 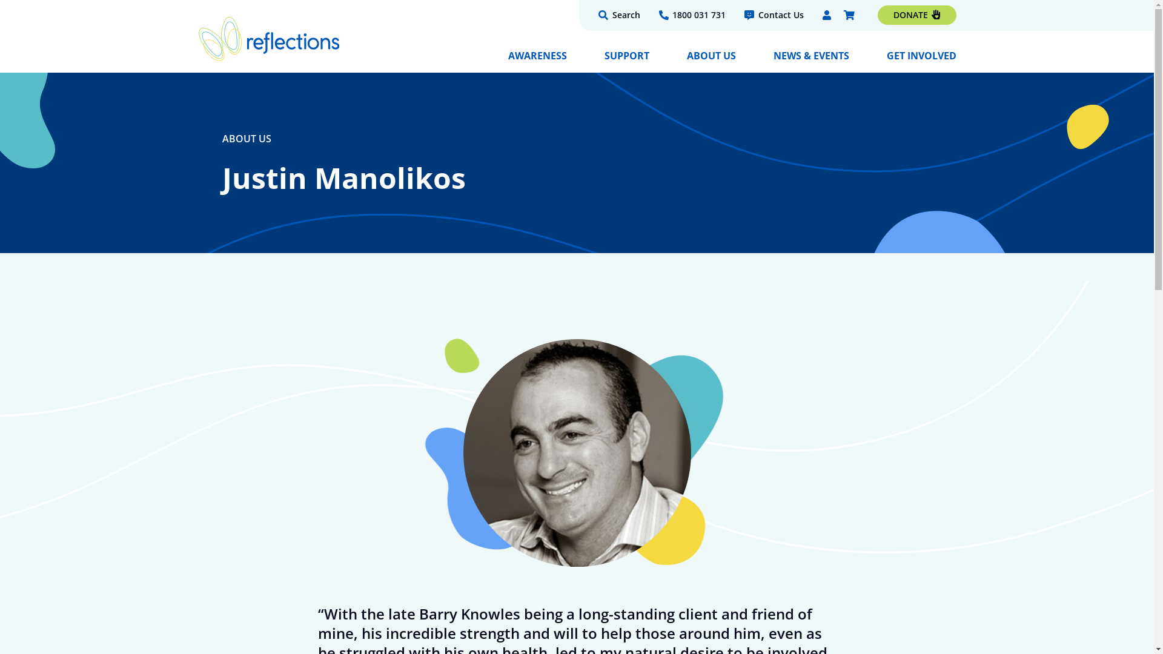 What do you see at coordinates (605, 61) in the screenshot?
I see `'SUPPORT'` at bounding box center [605, 61].